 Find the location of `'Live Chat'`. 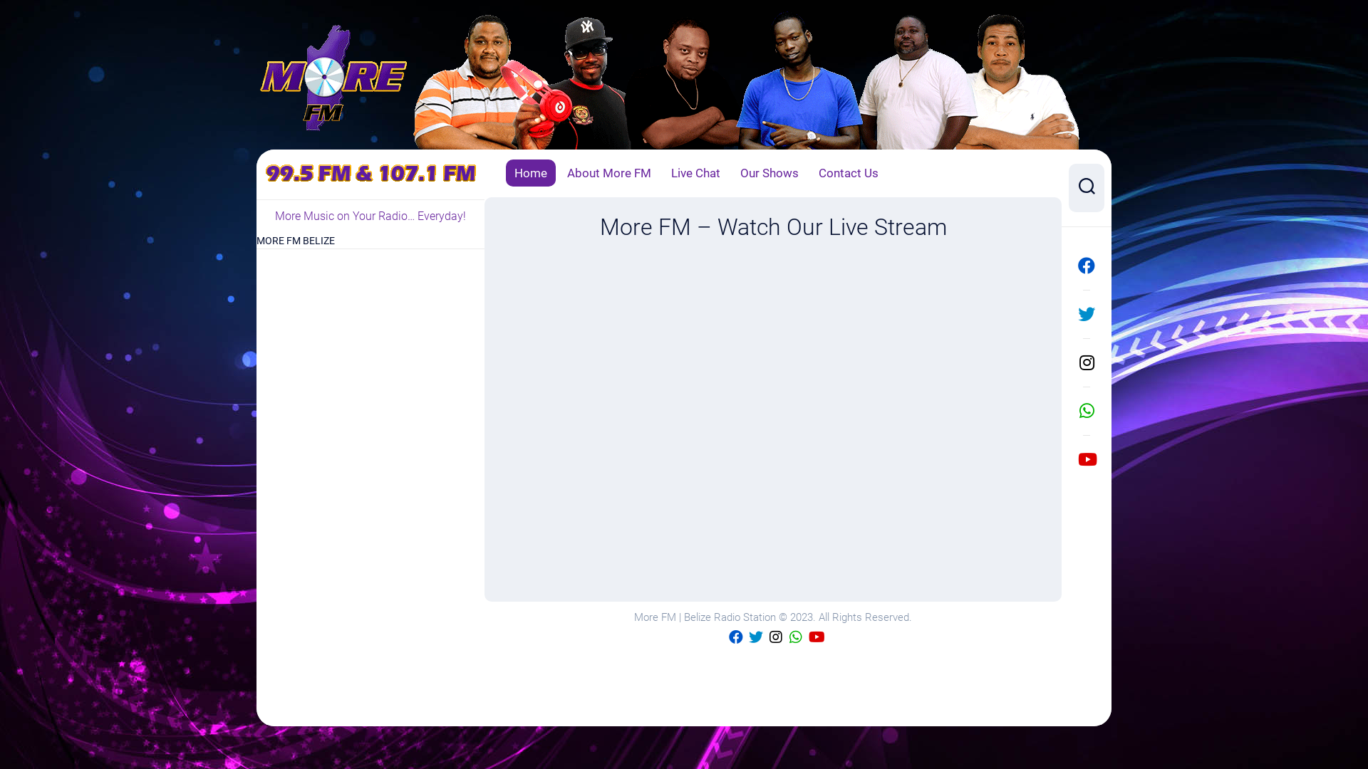

'Live Chat' is located at coordinates (695, 172).